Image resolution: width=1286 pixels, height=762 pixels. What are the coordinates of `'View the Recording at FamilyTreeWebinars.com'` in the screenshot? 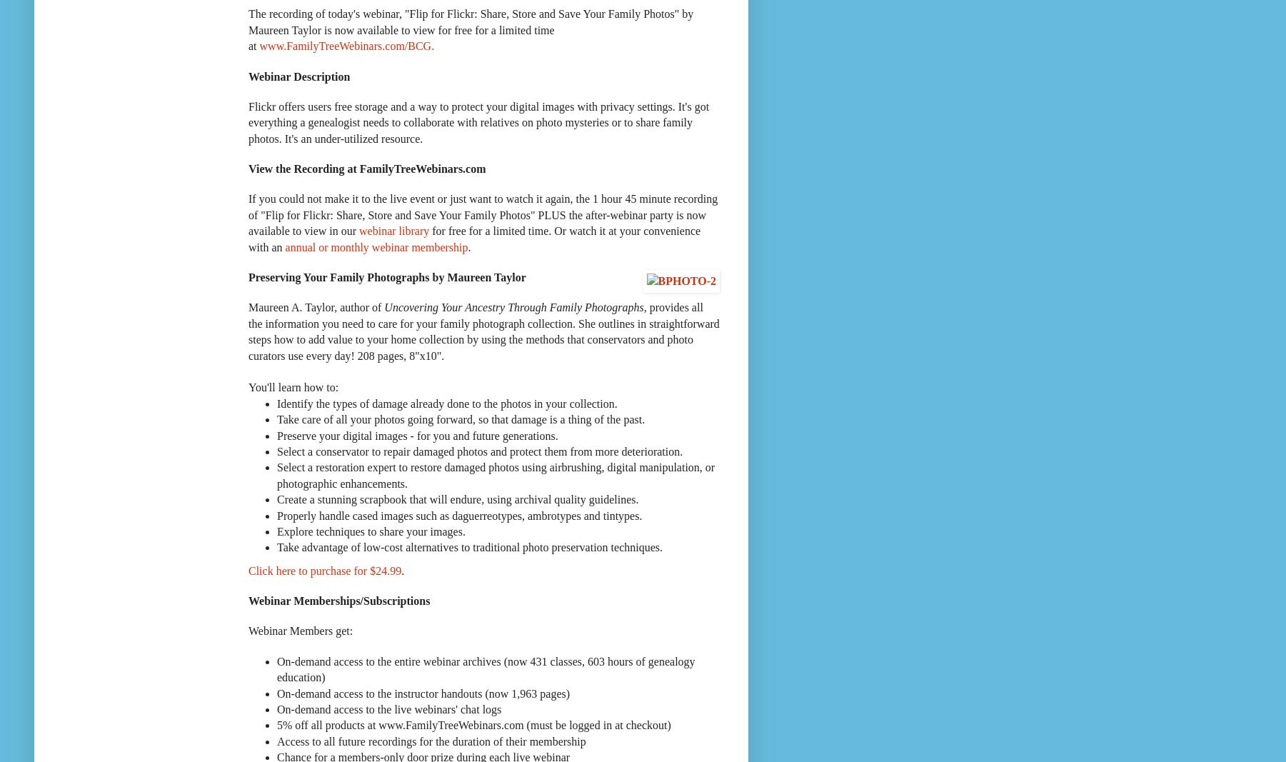 It's located at (367, 169).